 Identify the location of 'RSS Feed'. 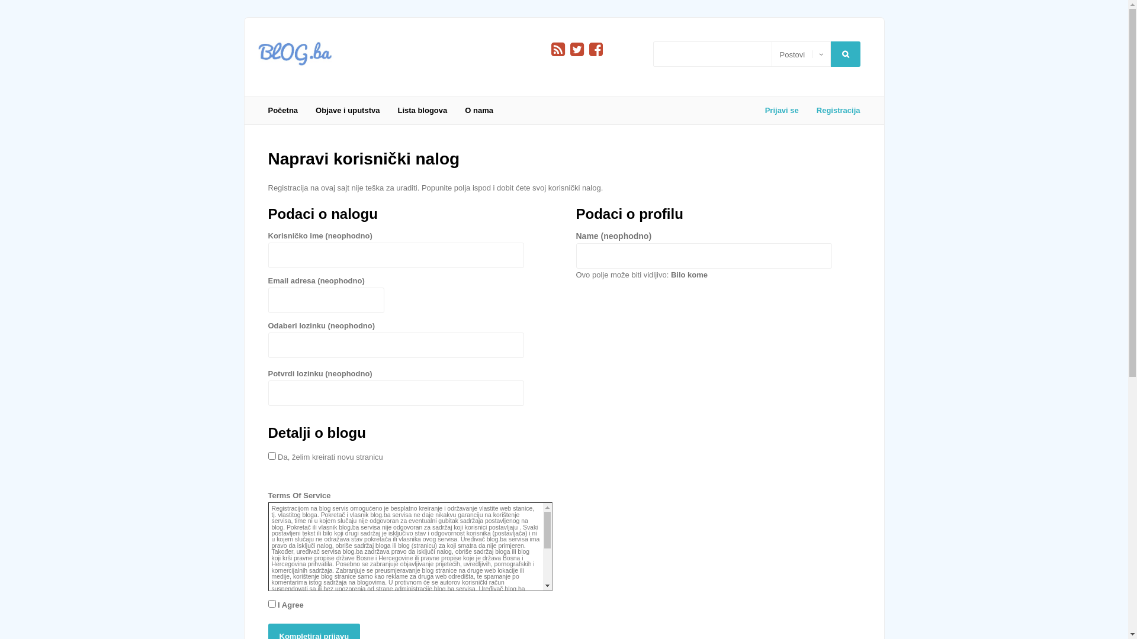
(551, 49).